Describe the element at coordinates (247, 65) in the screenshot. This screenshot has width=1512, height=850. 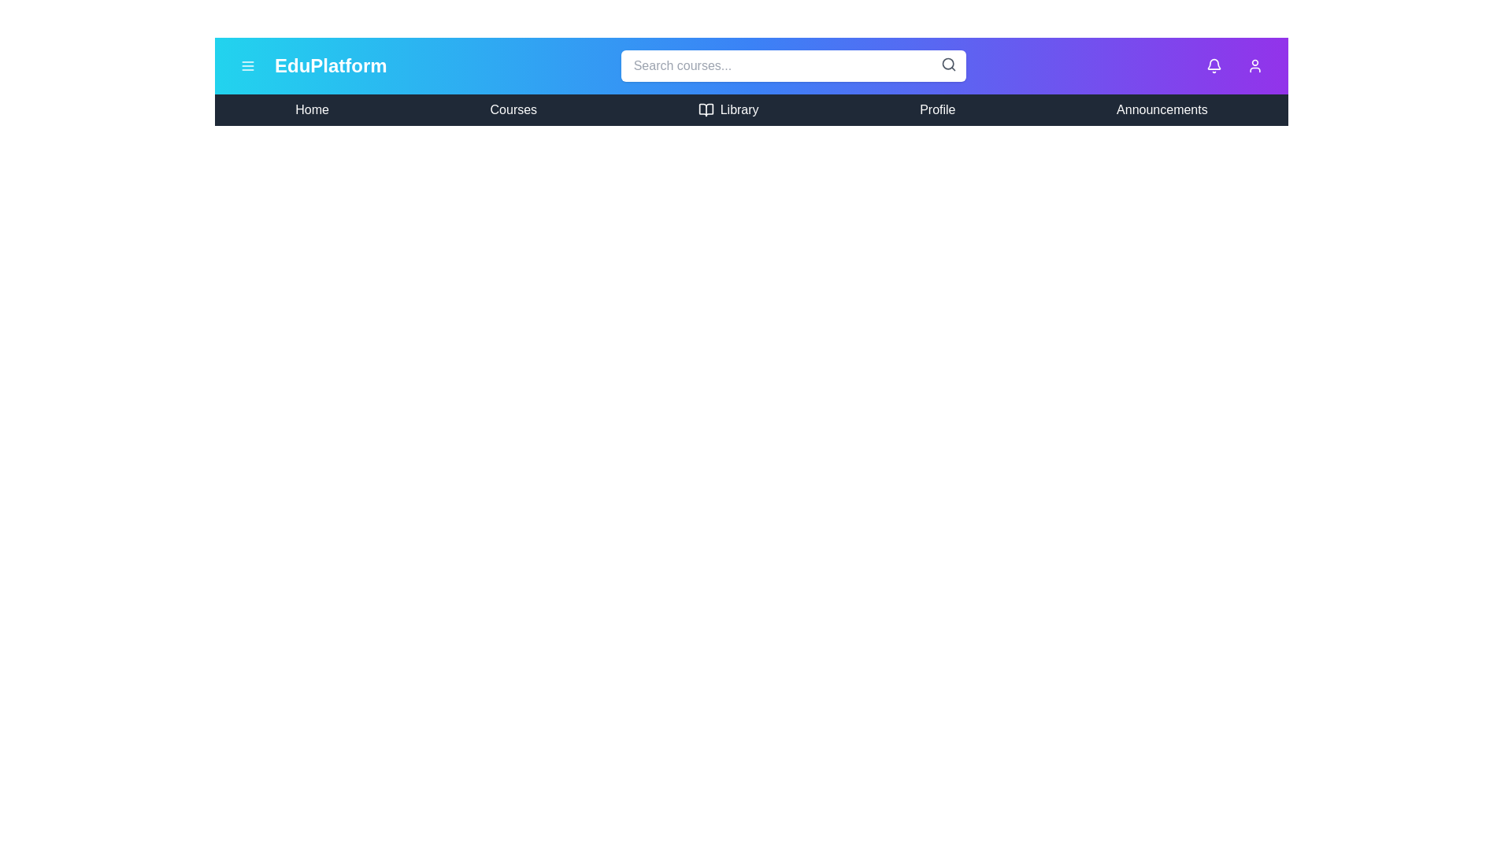
I see `menu button to toggle the side menu` at that location.